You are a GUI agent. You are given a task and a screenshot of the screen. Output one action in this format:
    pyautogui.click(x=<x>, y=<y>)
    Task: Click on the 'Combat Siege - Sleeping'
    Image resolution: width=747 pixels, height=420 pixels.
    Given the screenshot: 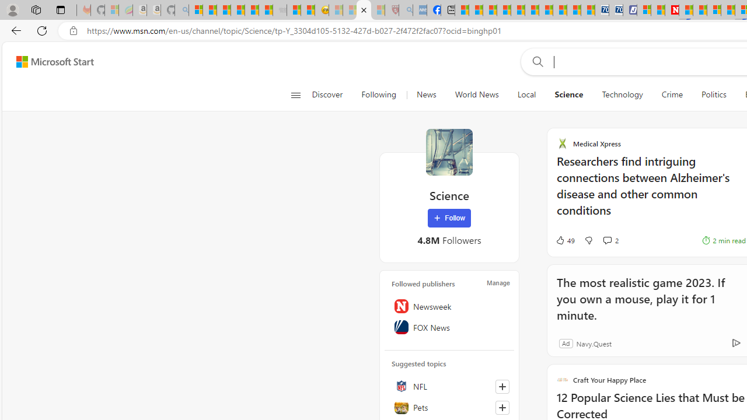 What is the action you would take?
    pyautogui.click(x=280, y=10)
    